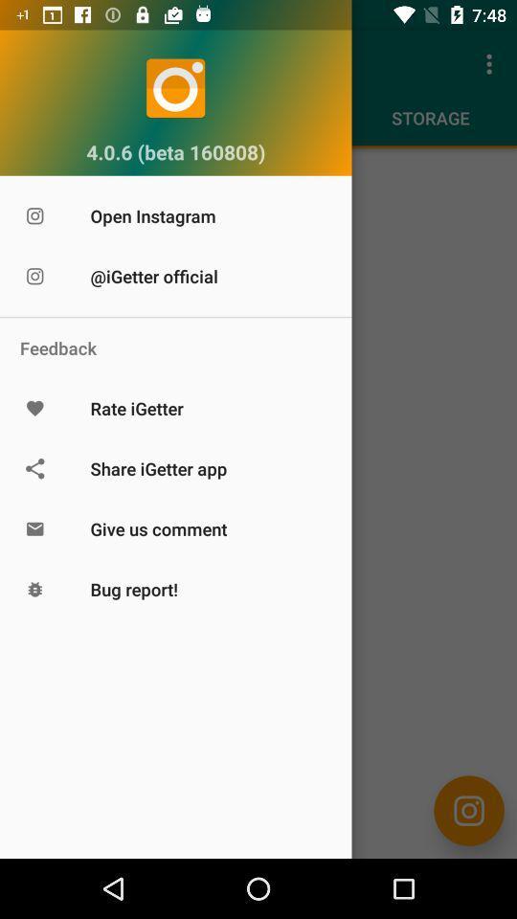  I want to click on the photo icon, so click(468, 810).